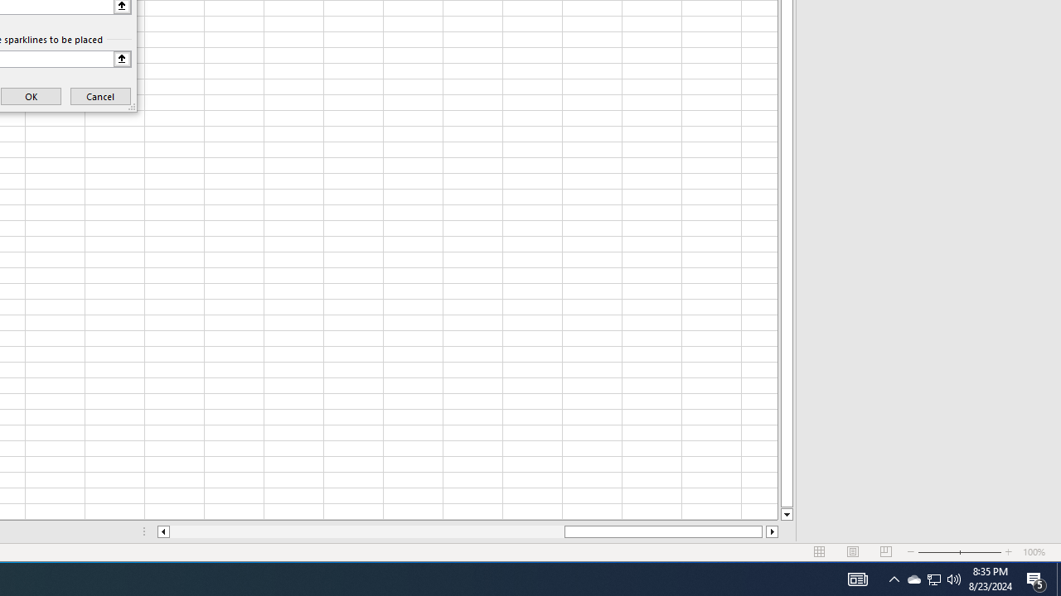  Describe the element at coordinates (960, 552) in the screenshot. I see `'Zoom'` at that location.